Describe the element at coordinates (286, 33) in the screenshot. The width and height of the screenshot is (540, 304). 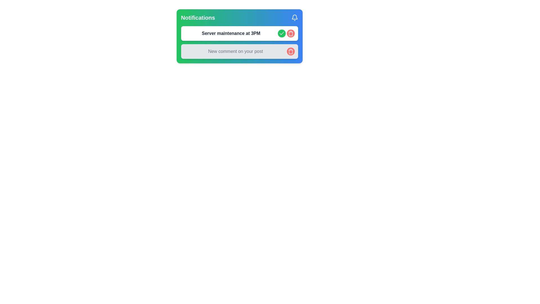
I see `the red button with a trash can icon in the Action button group located inside the notification card labeled 'Server maintenance at 3PM'` at that location.